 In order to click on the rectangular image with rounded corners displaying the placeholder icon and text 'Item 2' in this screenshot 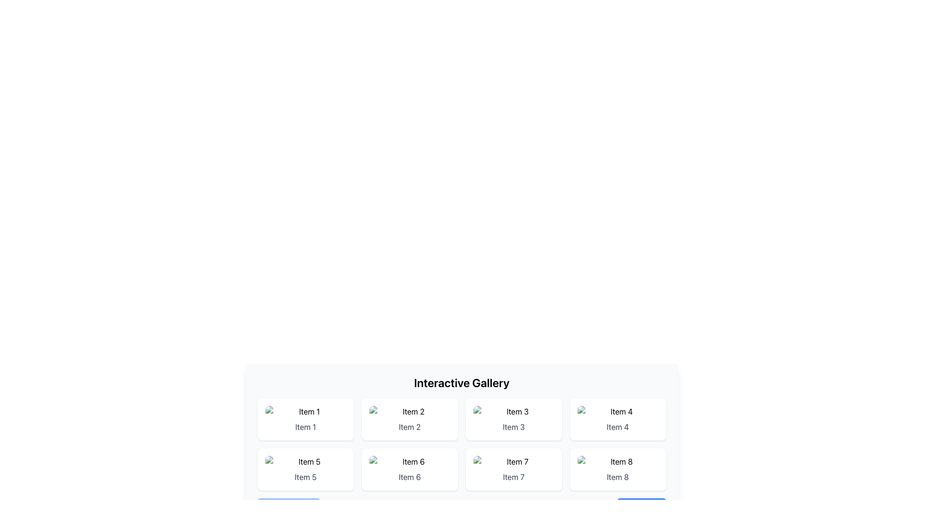, I will do `click(410, 412)`.